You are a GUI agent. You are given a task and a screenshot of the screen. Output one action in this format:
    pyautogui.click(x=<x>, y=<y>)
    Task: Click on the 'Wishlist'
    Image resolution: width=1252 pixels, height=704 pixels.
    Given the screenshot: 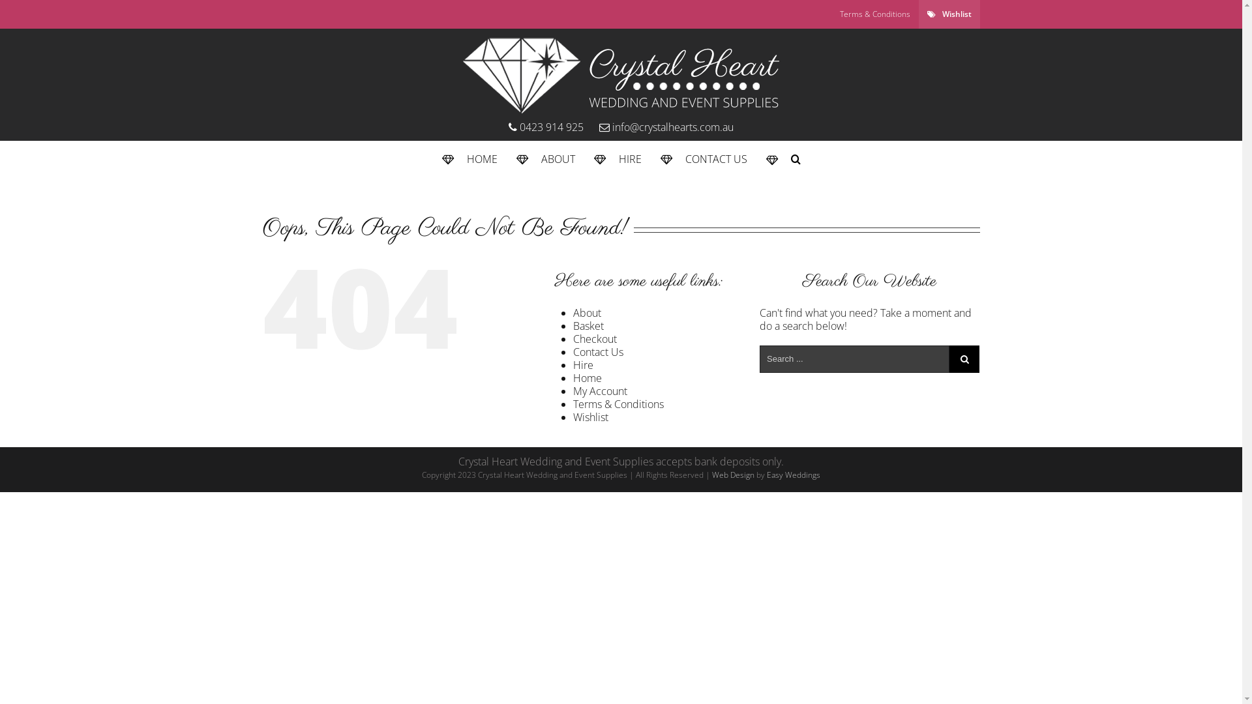 What is the action you would take?
    pyautogui.click(x=590, y=417)
    